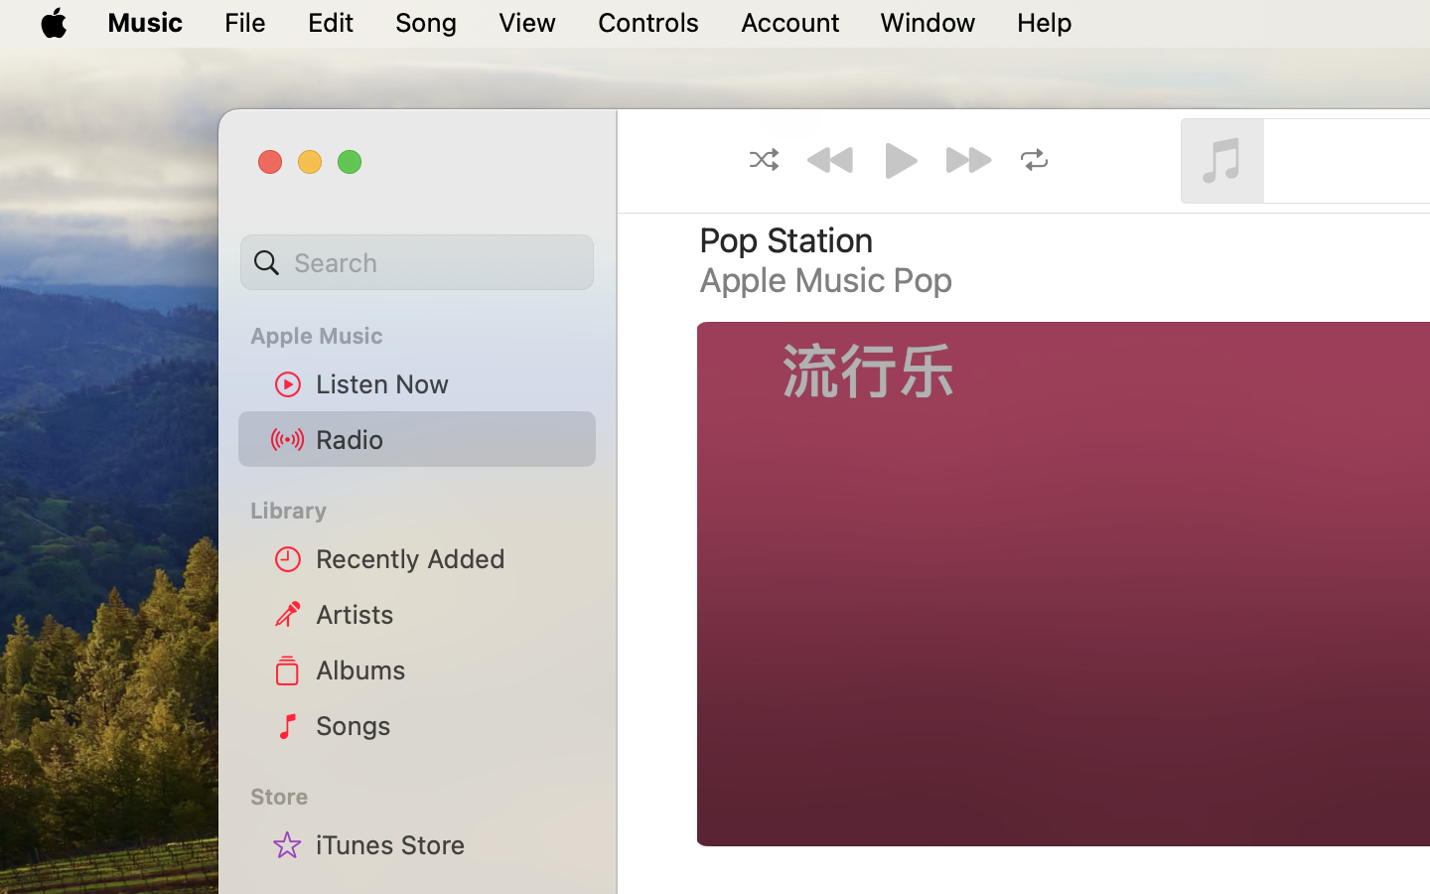 The height and width of the screenshot is (894, 1430). I want to click on 'Radio', so click(448, 438).